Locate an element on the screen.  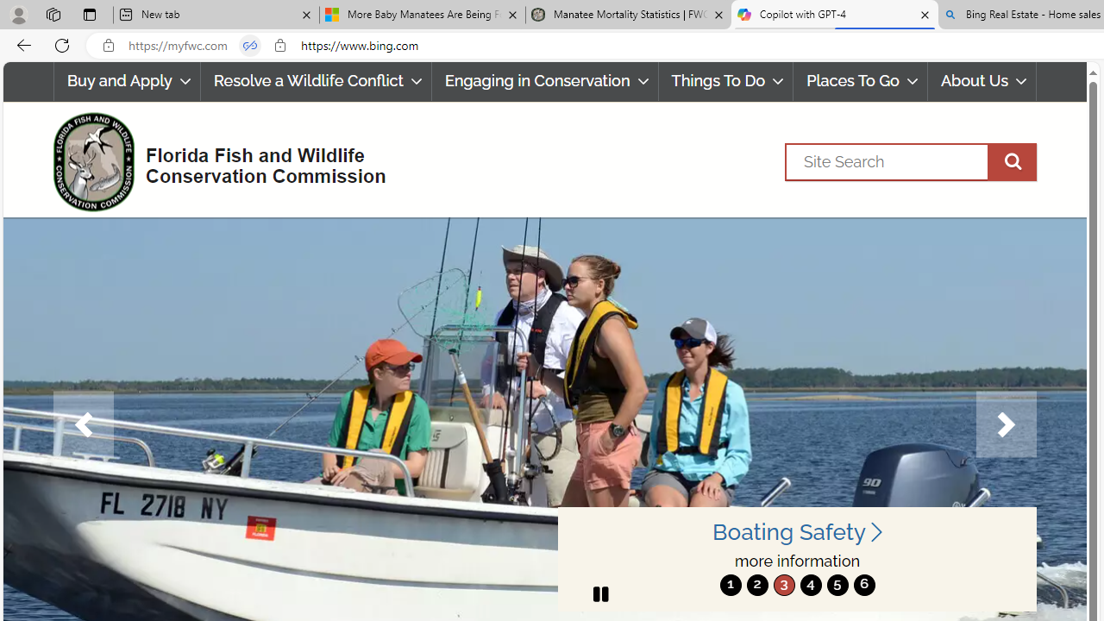
'5' is located at coordinates (837, 584).